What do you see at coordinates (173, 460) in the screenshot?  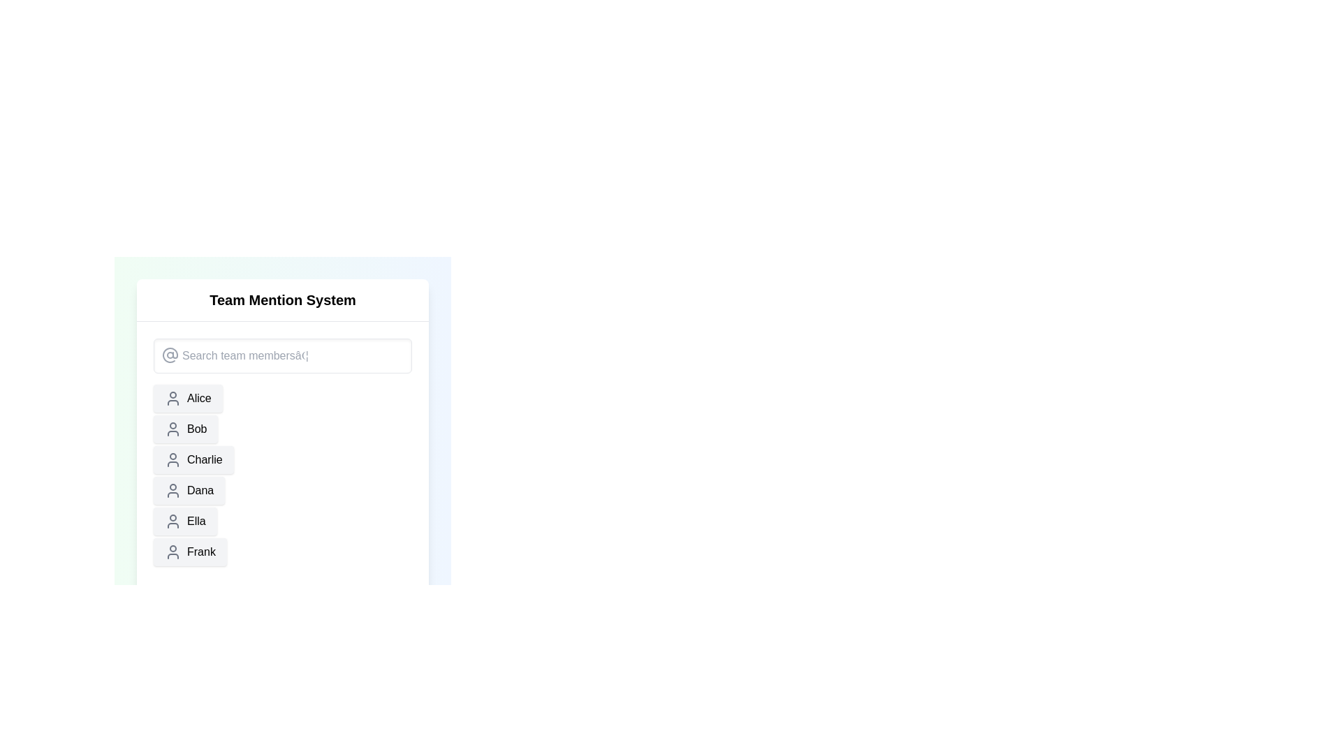 I see `the user icon represented by a gray SVG graphic located next to the text label 'Charlie' in the vertical list of users` at bounding box center [173, 460].